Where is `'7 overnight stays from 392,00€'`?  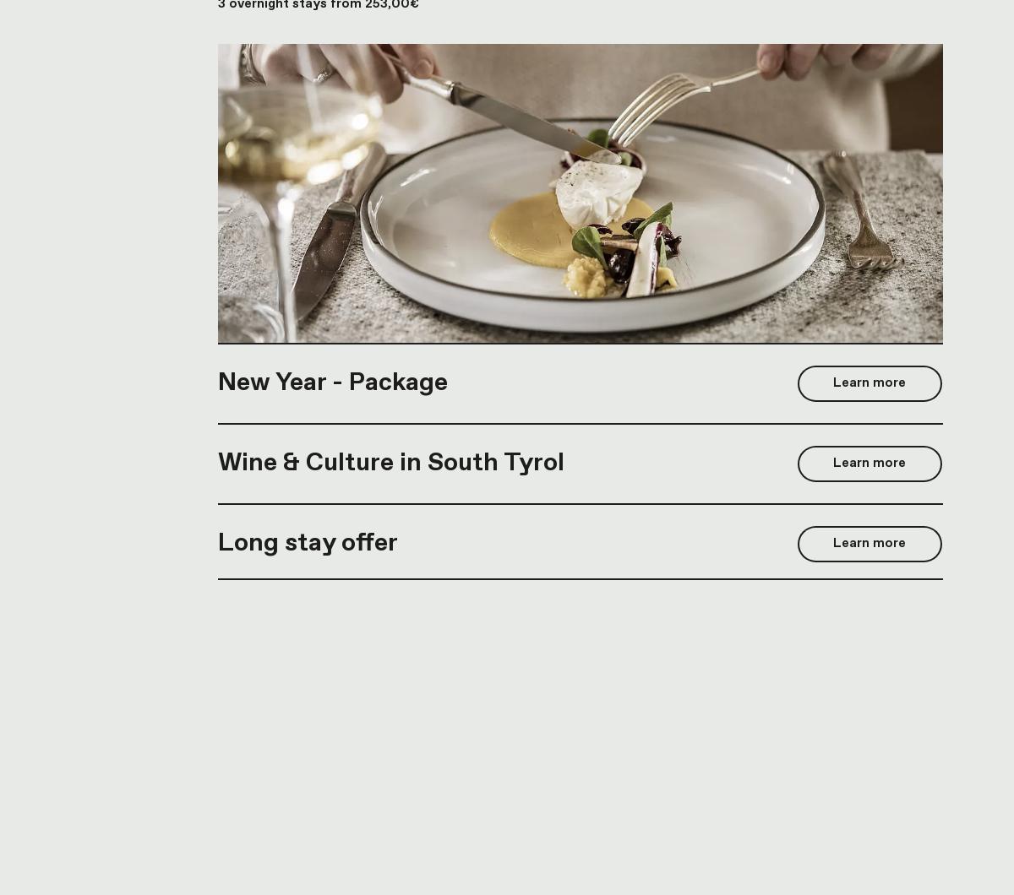 '7 overnight stays from 392,00€' is located at coordinates (319, 608).